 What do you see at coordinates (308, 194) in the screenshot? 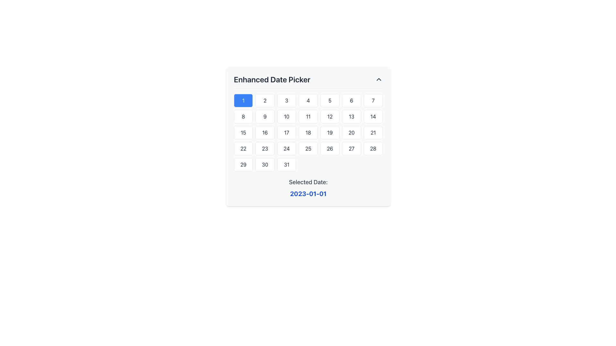
I see `the text display showing '2023-01-01' in bold, blue font, located below the 'Selected Date:' label` at bounding box center [308, 194].